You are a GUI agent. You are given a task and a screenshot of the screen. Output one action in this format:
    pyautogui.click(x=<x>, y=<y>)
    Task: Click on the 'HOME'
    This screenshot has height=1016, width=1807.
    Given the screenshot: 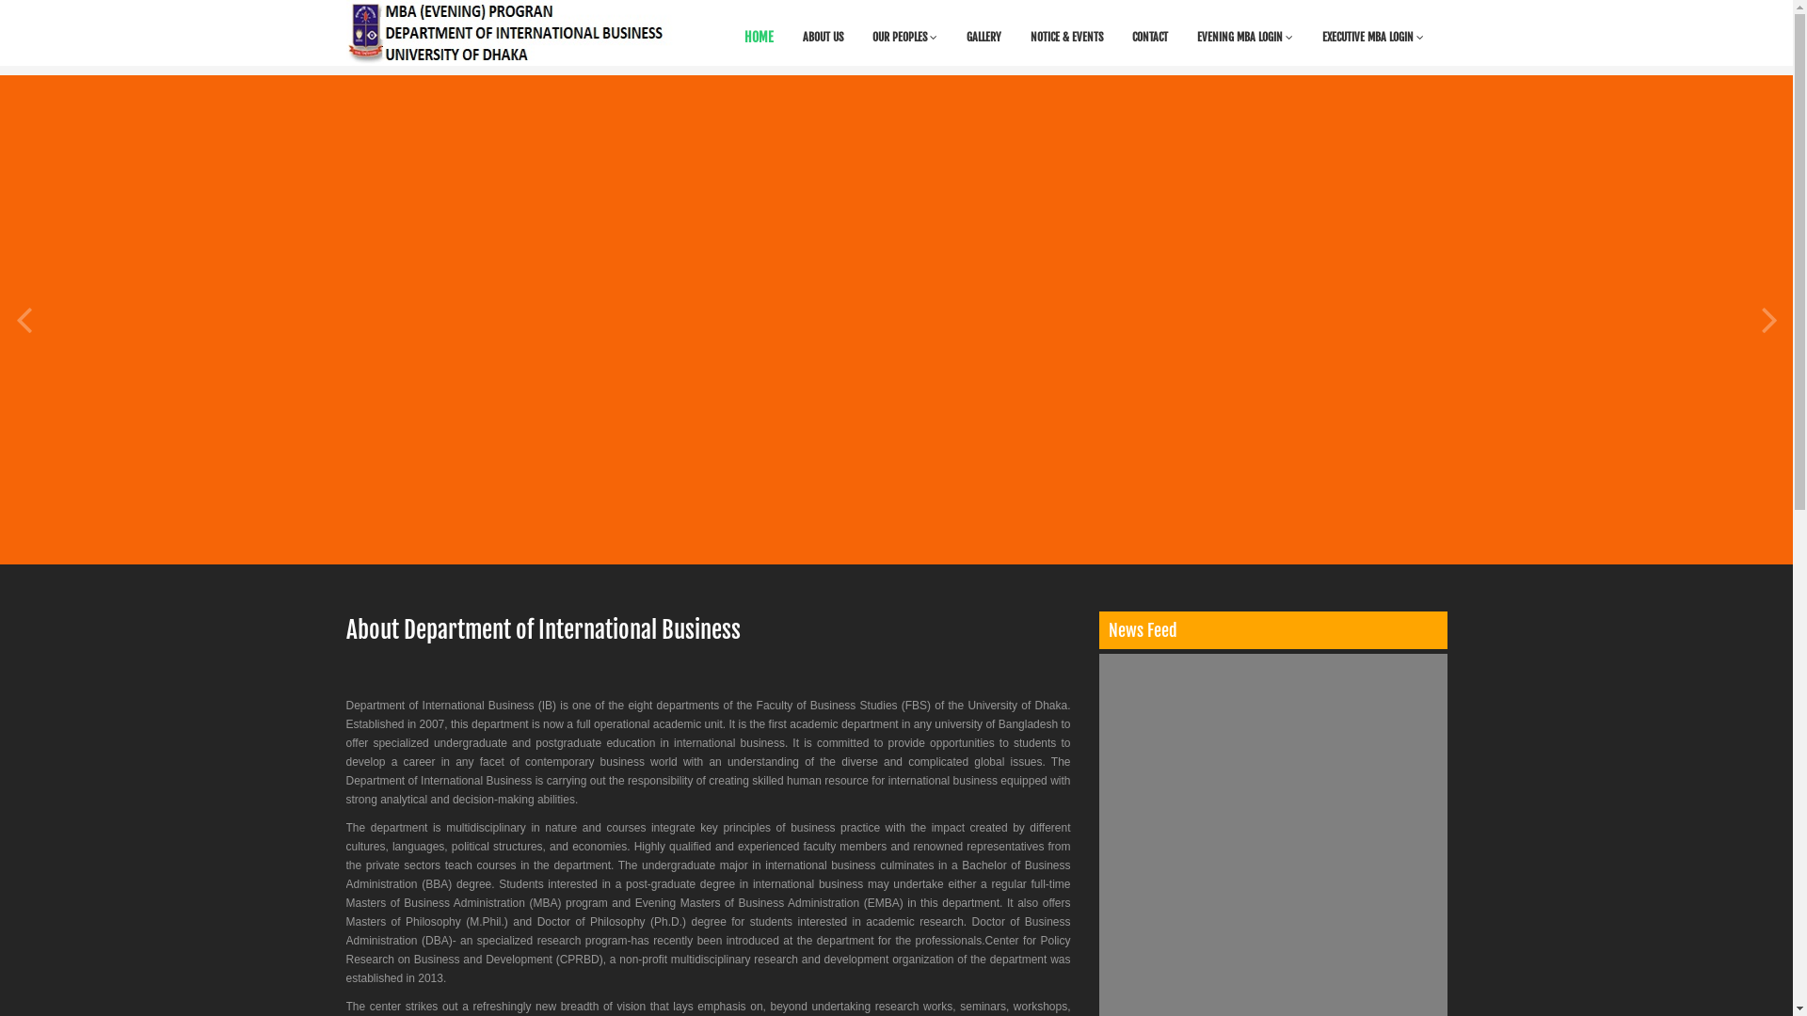 What is the action you would take?
    pyautogui.click(x=759, y=37)
    